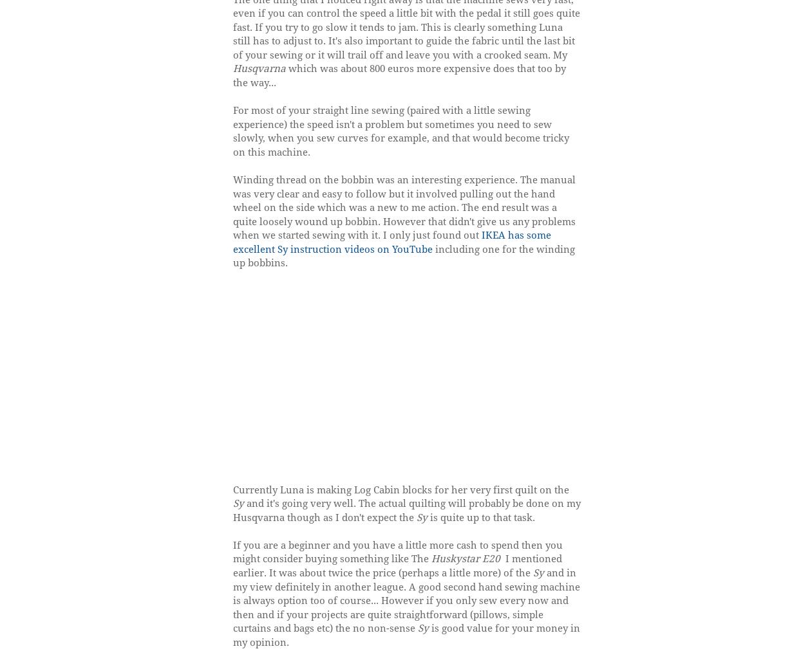 This screenshot has height=660, width=810. I want to click on 'Currently Luna is making Log Cabin blocks for her very first quilt on the', so click(400, 489).